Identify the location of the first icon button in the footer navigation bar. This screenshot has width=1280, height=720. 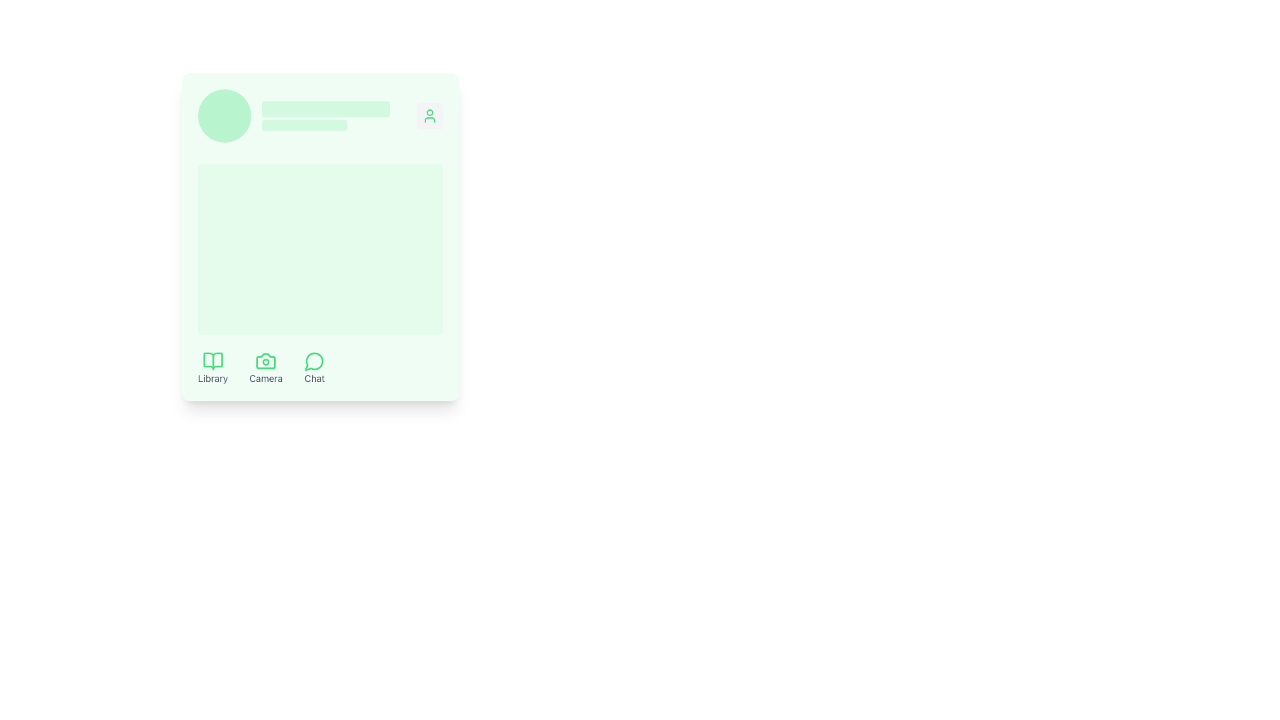
(212, 361).